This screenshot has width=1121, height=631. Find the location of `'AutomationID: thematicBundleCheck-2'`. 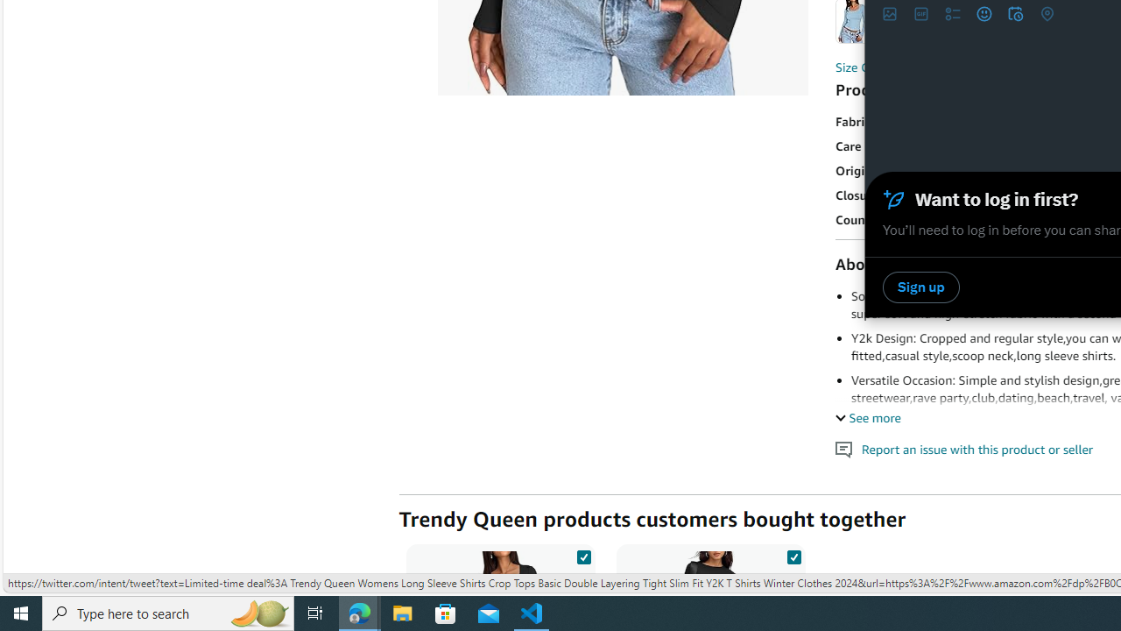

'AutomationID: thematicBundleCheck-2' is located at coordinates (793, 554).